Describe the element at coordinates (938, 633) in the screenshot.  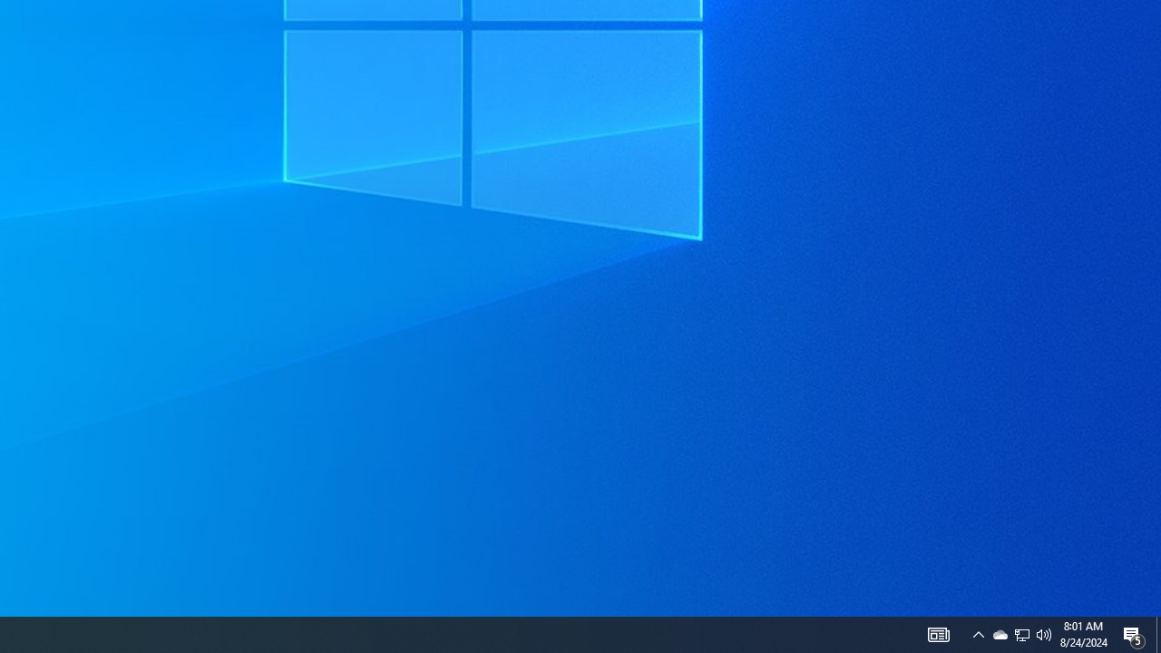
I see `'AutomationID: 4105'` at that location.